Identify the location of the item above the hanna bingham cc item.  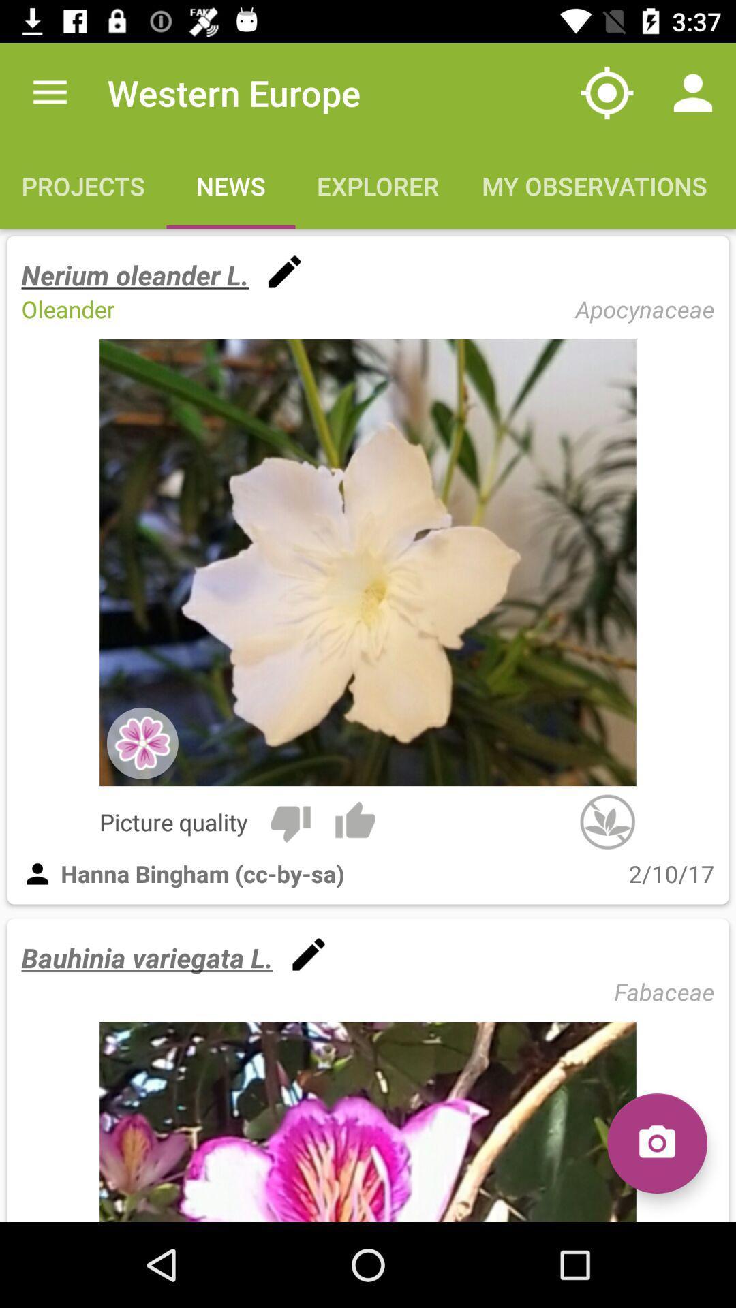
(290, 821).